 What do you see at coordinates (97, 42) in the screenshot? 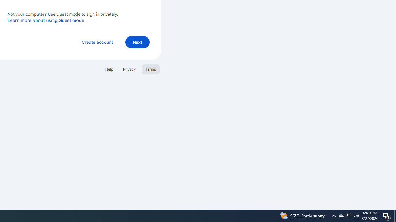
I see `'Create account'` at bounding box center [97, 42].